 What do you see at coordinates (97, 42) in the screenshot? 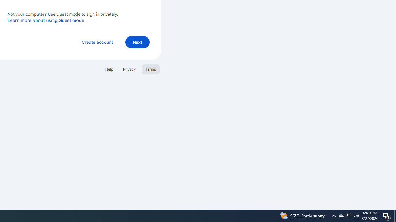
I see `'Create account'` at bounding box center [97, 42].